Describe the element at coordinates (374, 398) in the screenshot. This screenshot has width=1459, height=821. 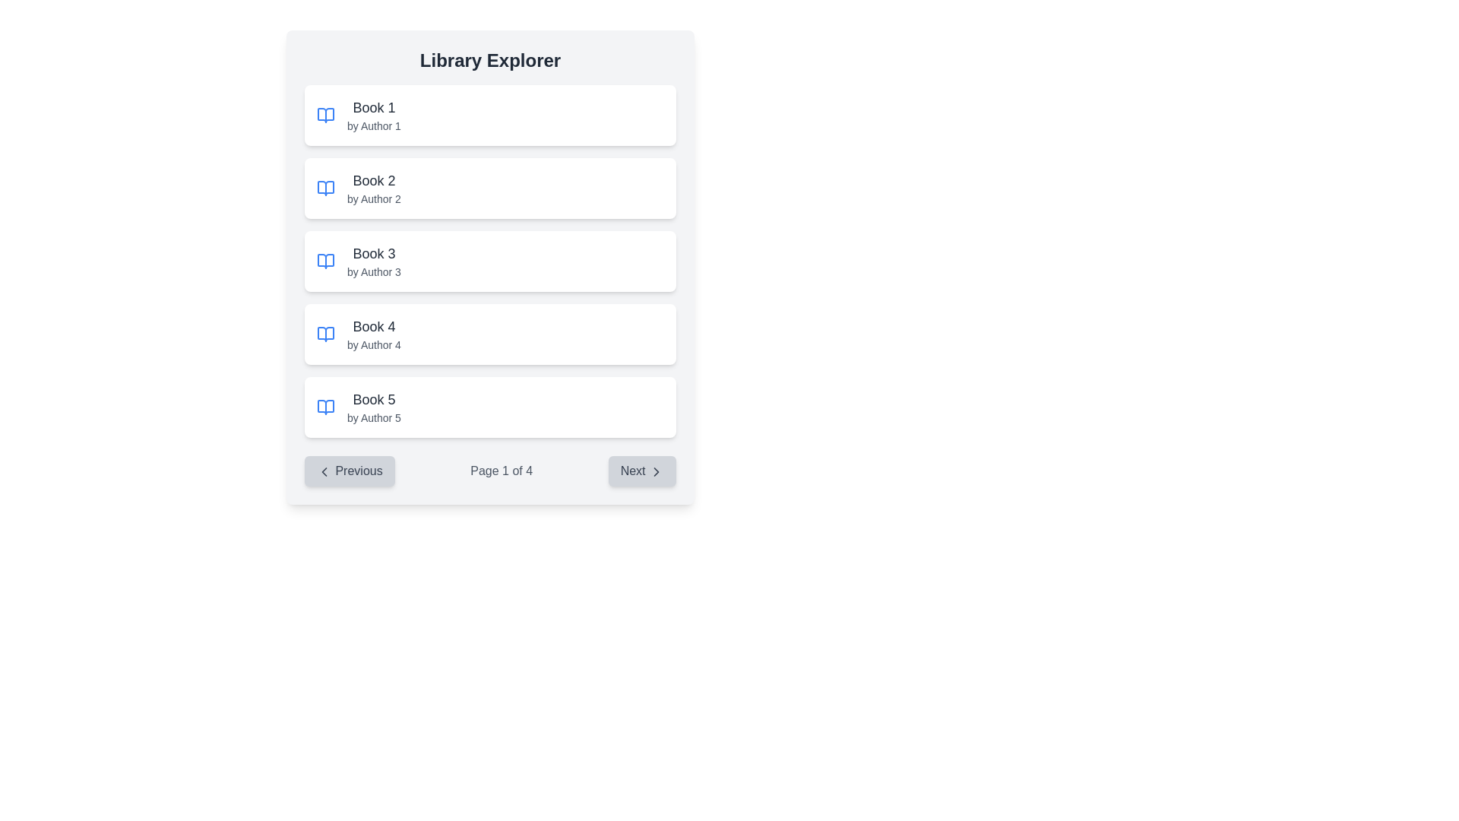
I see `the text label 'Book 5' which is styled with a larger font size and dark gray color` at that location.